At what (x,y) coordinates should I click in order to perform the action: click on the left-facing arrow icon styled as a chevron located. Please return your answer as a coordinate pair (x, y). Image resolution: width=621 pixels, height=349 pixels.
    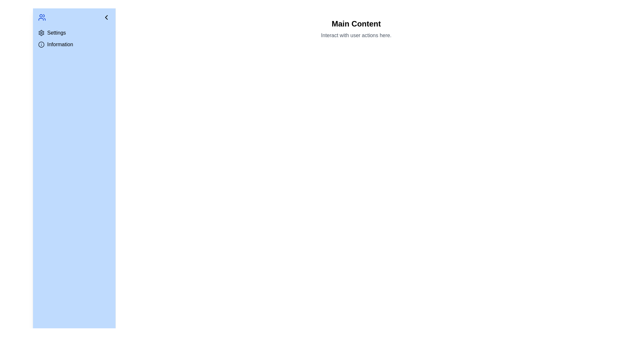
    Looking at the image, I should click on (106, 17).